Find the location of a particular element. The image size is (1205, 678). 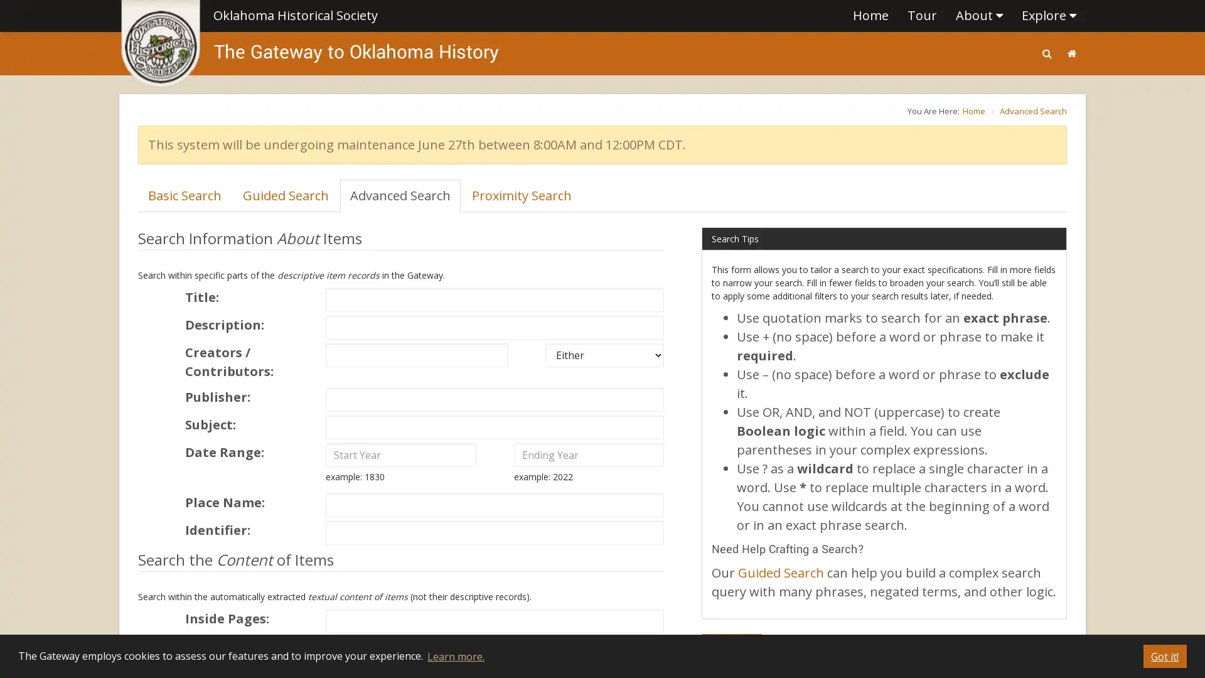

Search is located at coordinates (732, 646).